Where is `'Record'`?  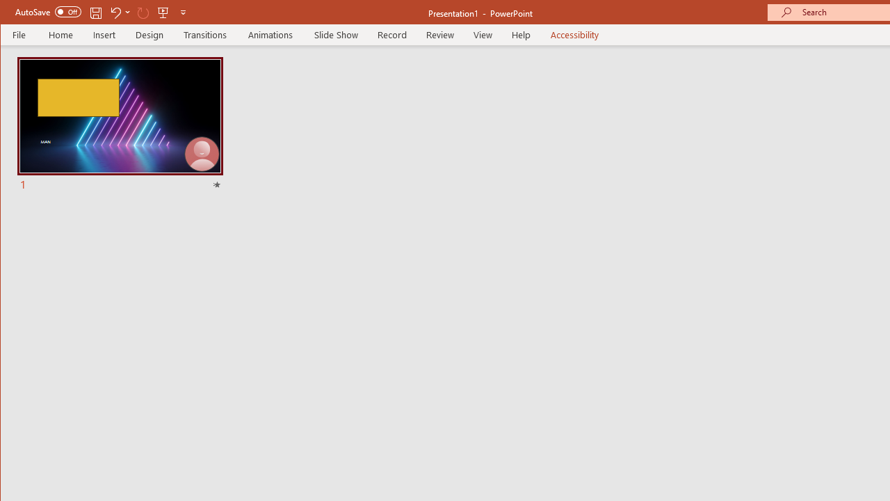 'Record' is located at coordinates (391, 34).